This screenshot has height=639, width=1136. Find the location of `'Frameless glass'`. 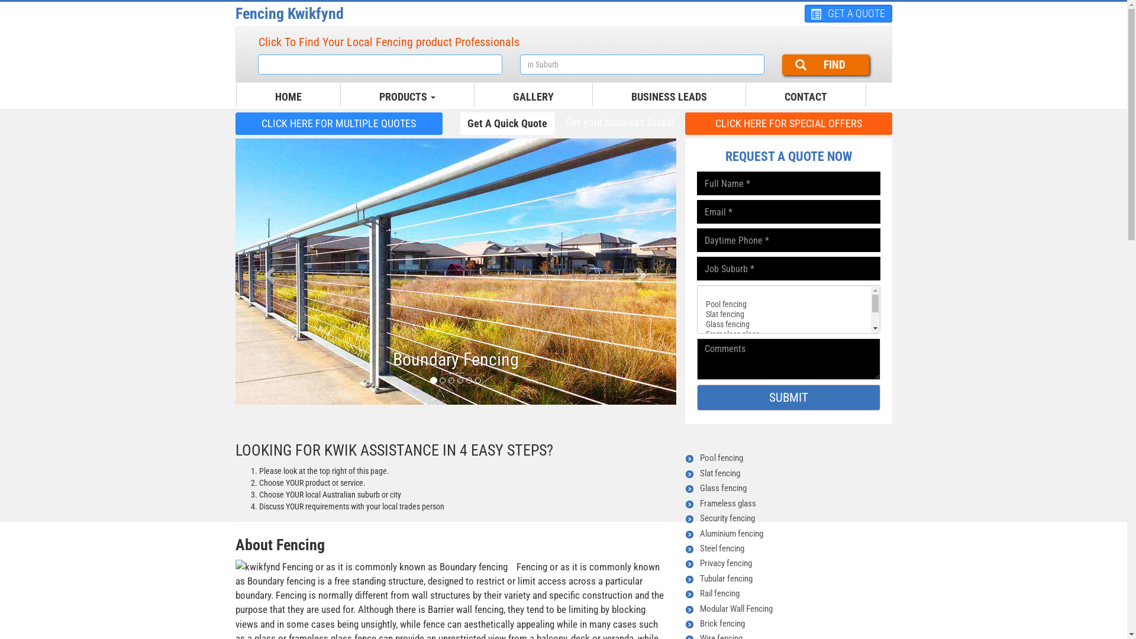

'Frameless glass' is located at coordinates (727, 504).